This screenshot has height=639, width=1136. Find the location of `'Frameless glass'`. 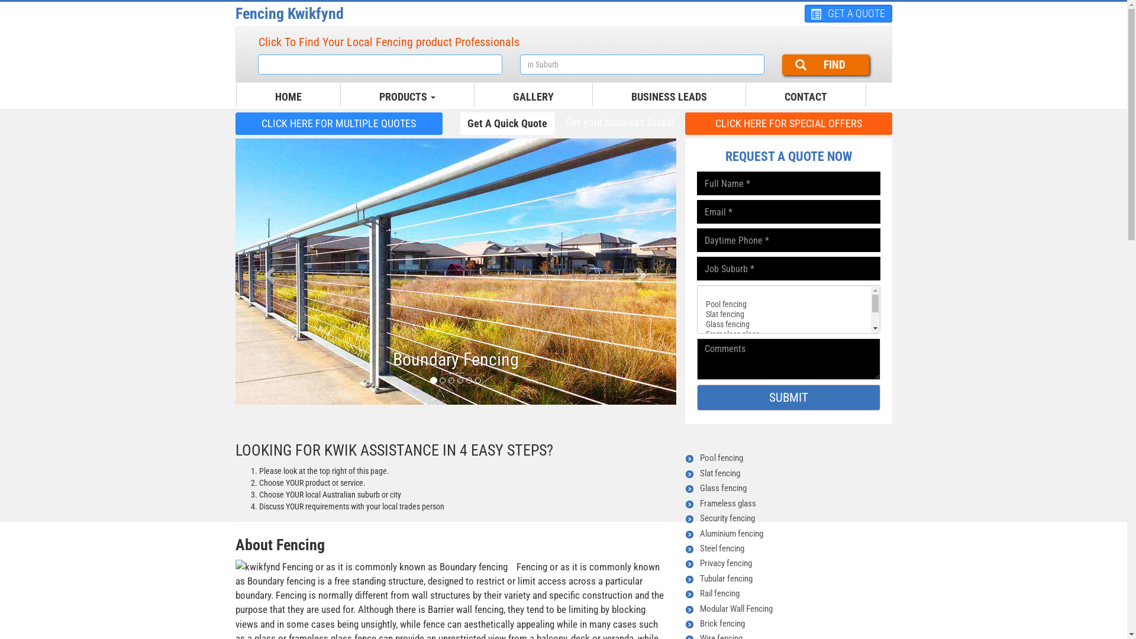

'Frameless glass' is located at coordinates (727, 504).